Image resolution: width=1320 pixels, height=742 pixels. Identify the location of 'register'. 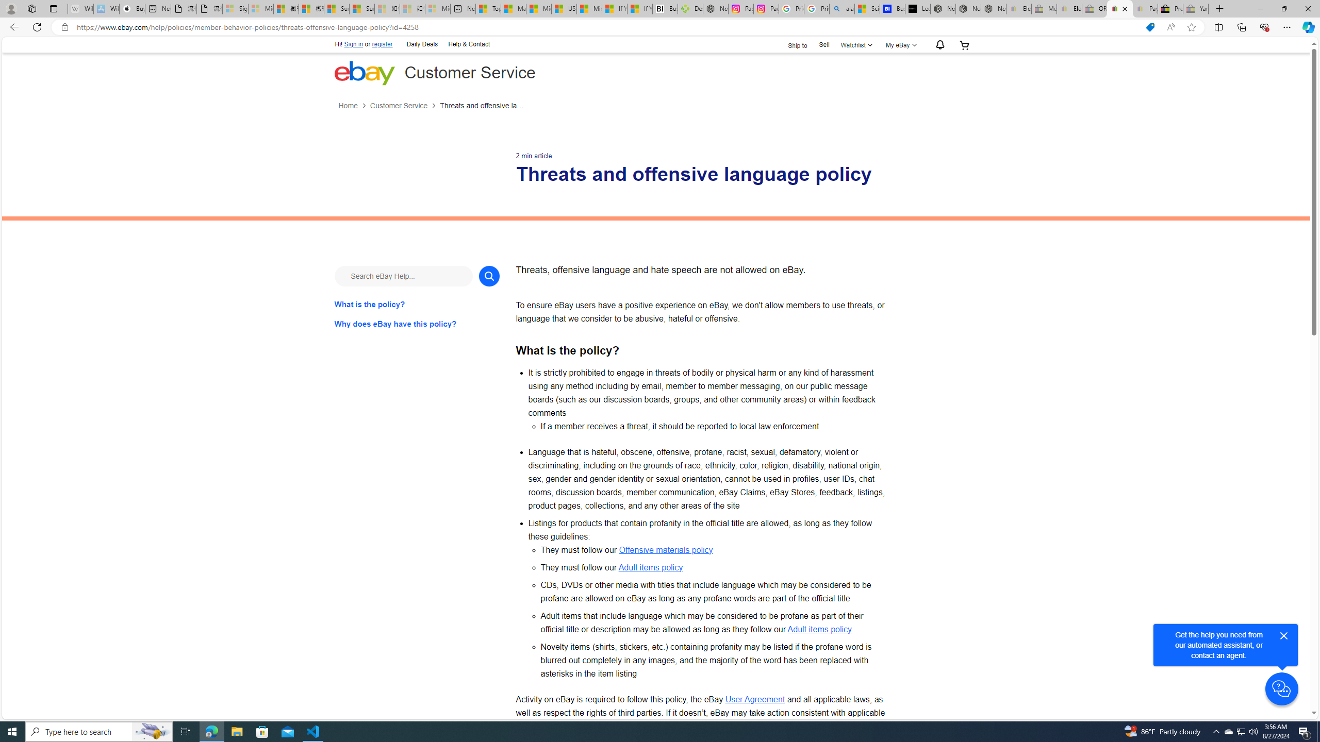
(382, 44).